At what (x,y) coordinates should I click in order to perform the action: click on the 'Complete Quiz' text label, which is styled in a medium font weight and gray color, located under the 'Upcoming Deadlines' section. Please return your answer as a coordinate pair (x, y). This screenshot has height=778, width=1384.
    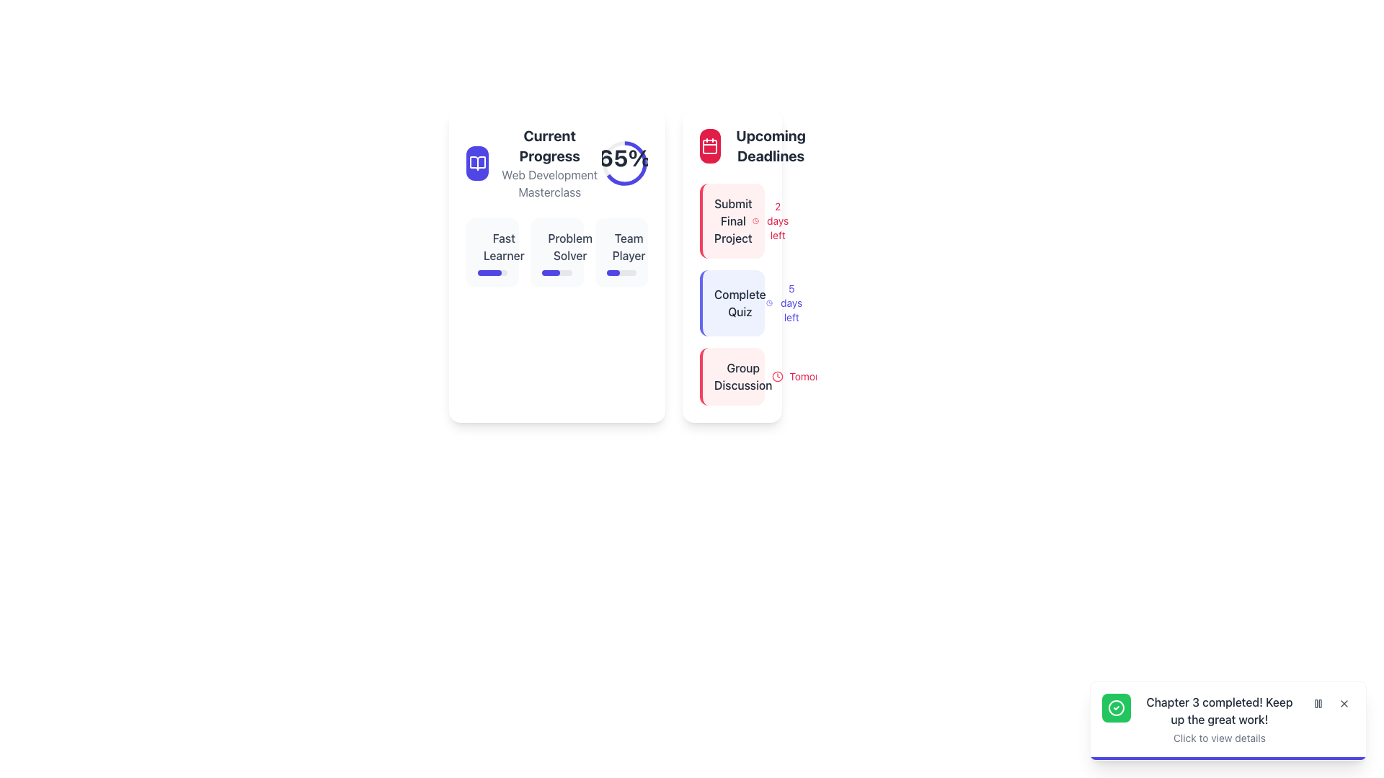
    Looking at the image, I should click on (740, 302).